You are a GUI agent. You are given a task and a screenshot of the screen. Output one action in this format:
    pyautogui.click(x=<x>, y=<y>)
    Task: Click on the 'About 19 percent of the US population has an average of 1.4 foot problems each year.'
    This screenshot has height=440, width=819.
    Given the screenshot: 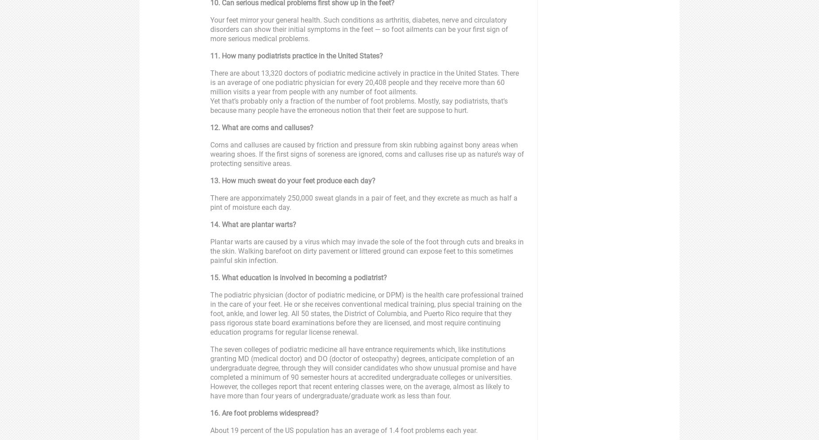 What is the action you would take?
    pyautogui.click(x=344, y=430)
    